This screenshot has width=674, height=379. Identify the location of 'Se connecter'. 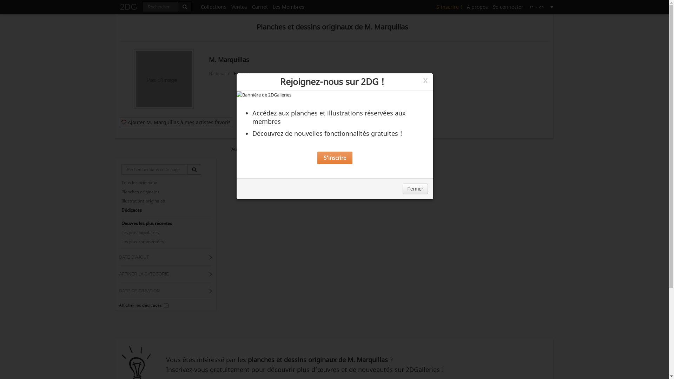
(508, 6).